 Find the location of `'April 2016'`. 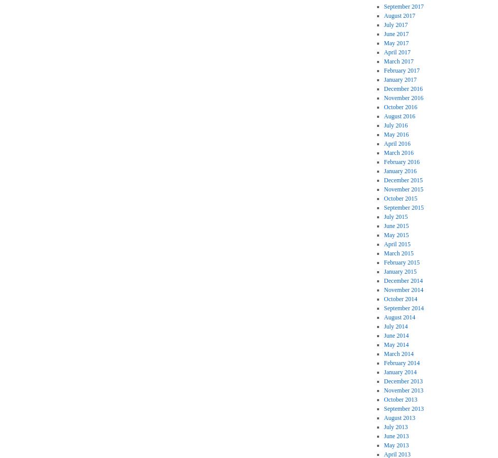

'April 2016' is located at coordinates (396, 143).